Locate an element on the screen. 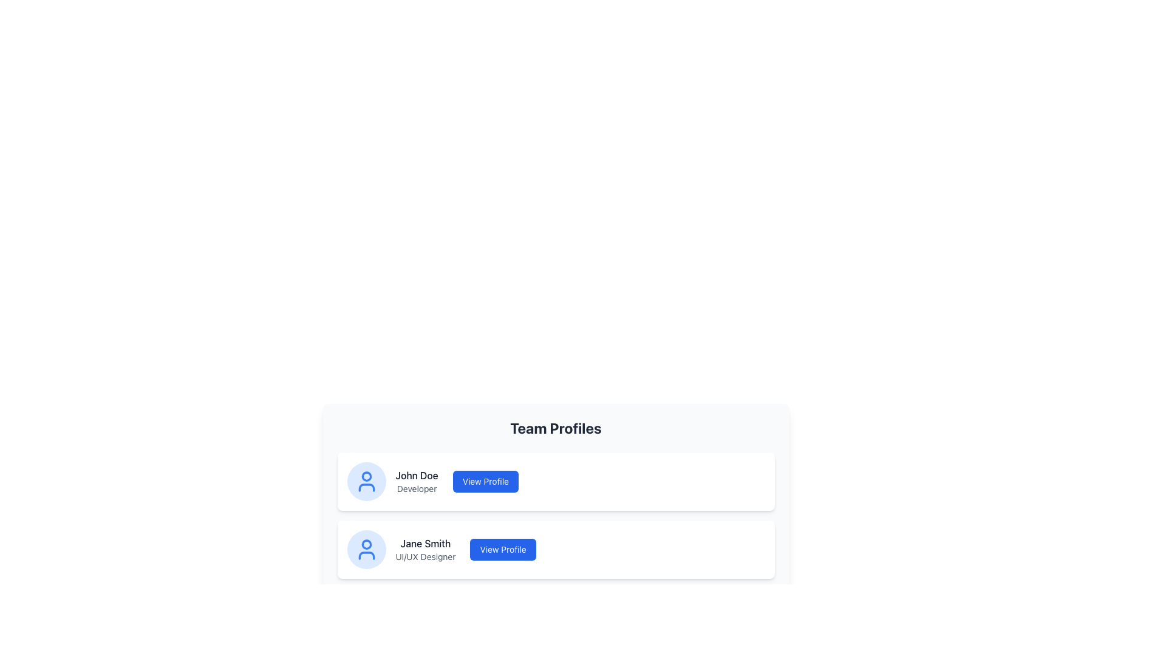 Image resolution: width=1166 pixels, height=656 pixels. the user icon representing John Doe in the Team Profiles section, which is styled with a blue color and has a circular blue background is located at coordinates (366, 481).